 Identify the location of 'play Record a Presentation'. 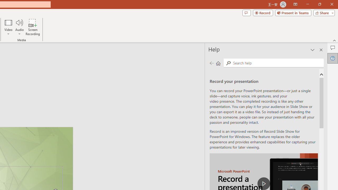
(264, 183).